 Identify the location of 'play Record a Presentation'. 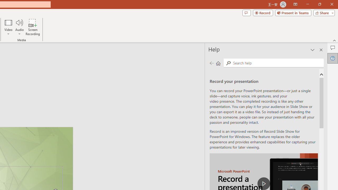
(264, 183).